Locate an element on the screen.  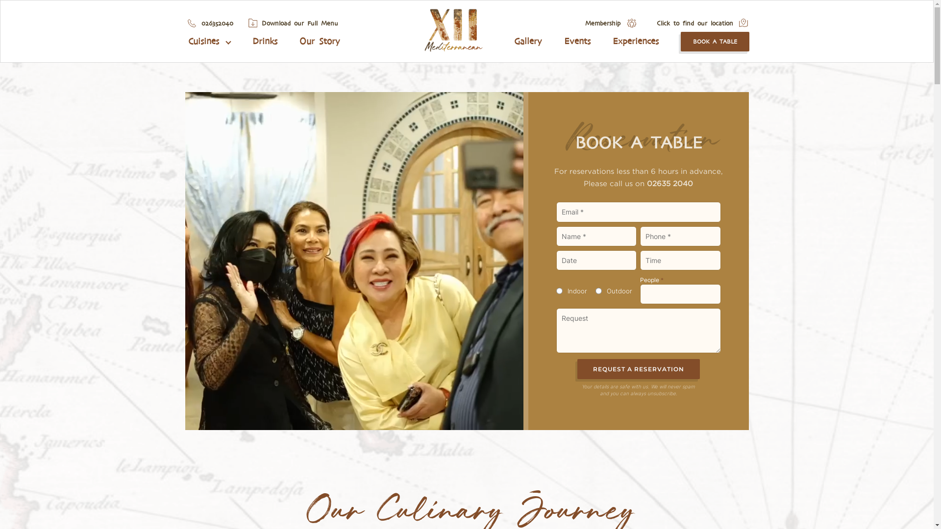
'Events' is located at coordinates (564, 41).